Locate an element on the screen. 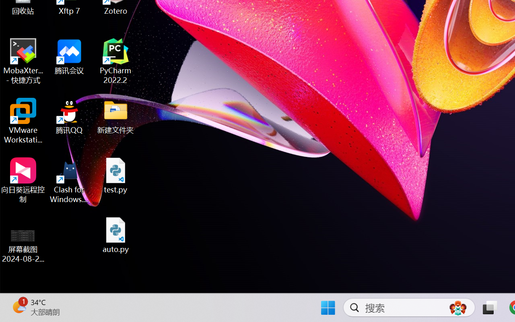  'auto.py' is located at coordinates (115, 235).